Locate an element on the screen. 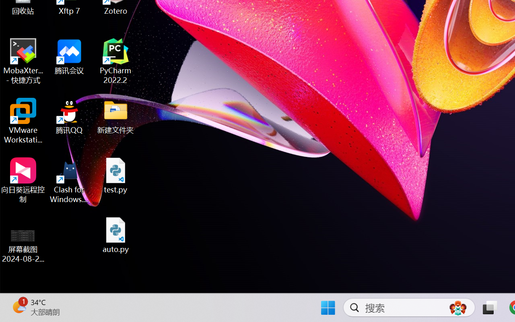  'auto.py' is located at coordinates (115, 235).